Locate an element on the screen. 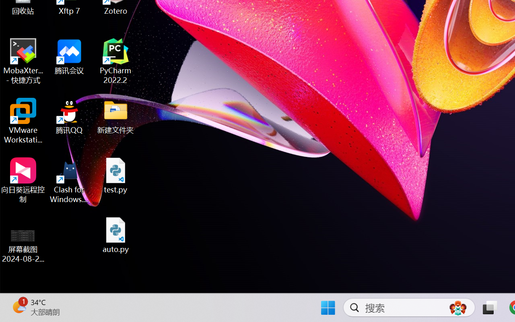  'auto.py' is located at coordinates (115, 235).